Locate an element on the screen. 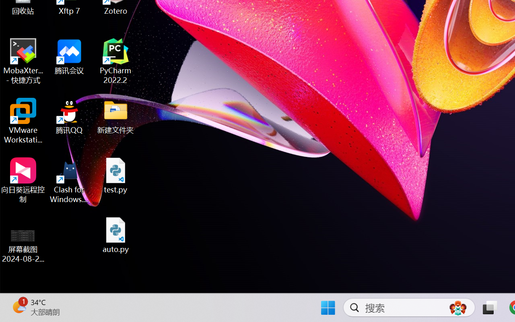  'auto.py' is located at coordinates (115, 235).